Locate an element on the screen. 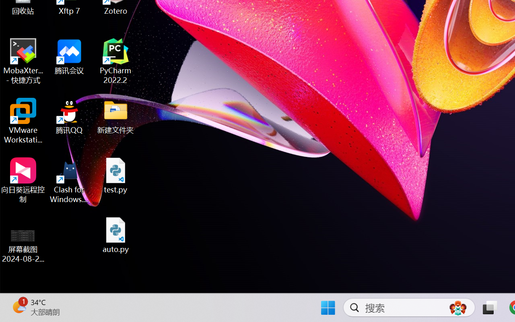  'auto.py' is located at coordinates (115, 235).